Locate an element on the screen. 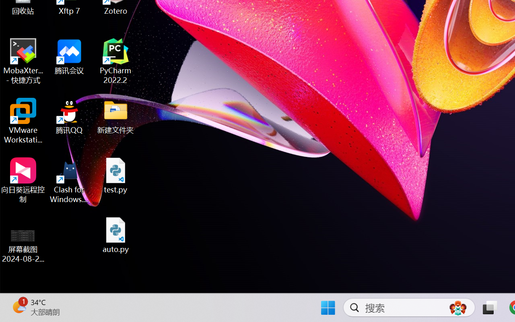  'auto.py' is located at coordinates (115, 235).